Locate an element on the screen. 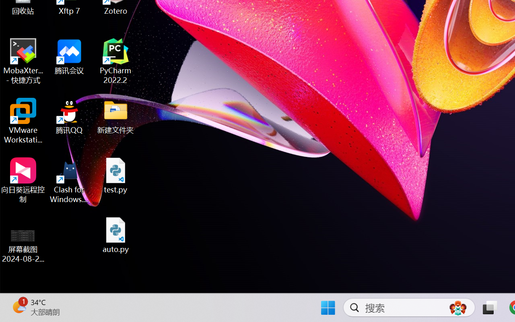  'auto.py' is located at coordinates (115, 235).